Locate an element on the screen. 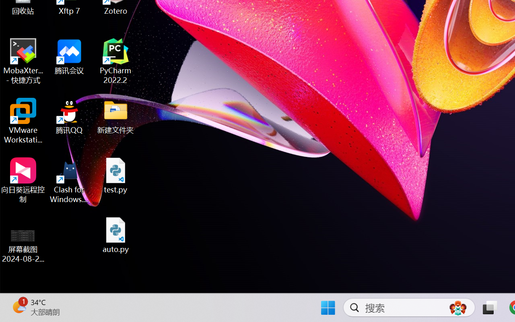  'auto.py' is located at coordinates (115, 235).